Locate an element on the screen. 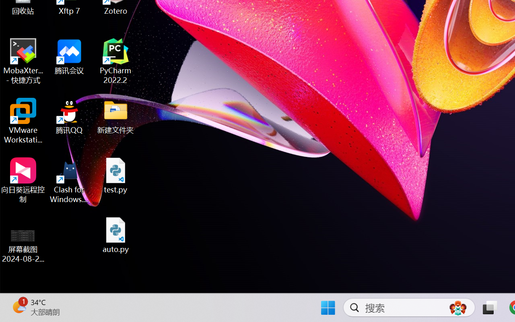  'auto.py' is located at coordinates (115, 235).